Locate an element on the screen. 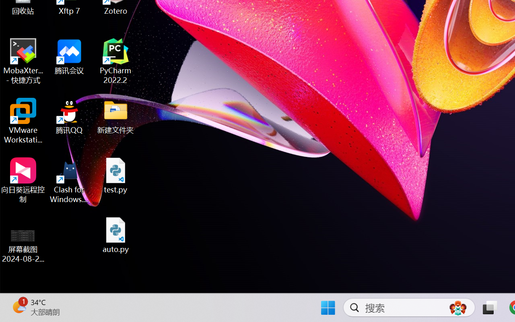  'auto.py' is located at coordinates (115, 235).